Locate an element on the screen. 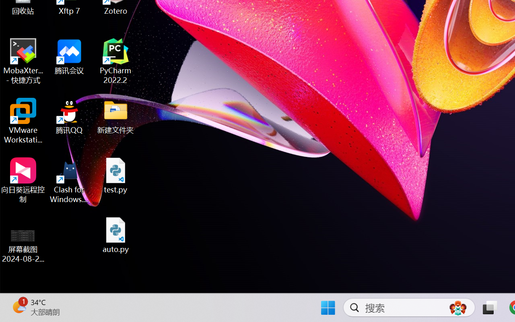  'auto.py' is located at coordinates (115, 235).